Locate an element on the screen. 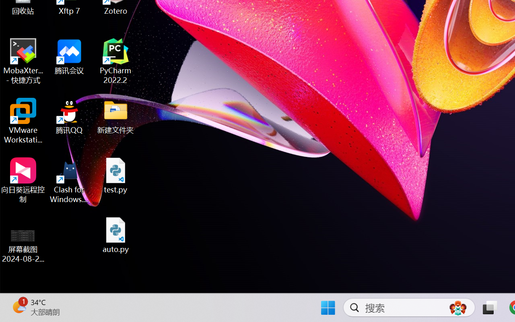  'auto.py' is located at coordinates (115, 235).